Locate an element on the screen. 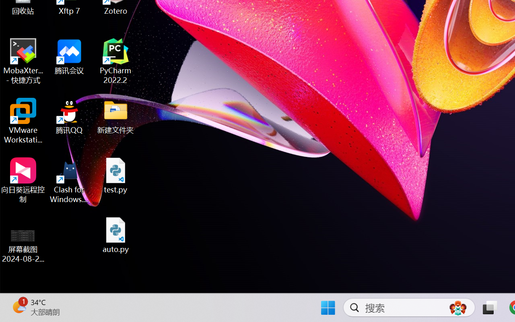  'auto.py' is located at coordinates (115, 235).